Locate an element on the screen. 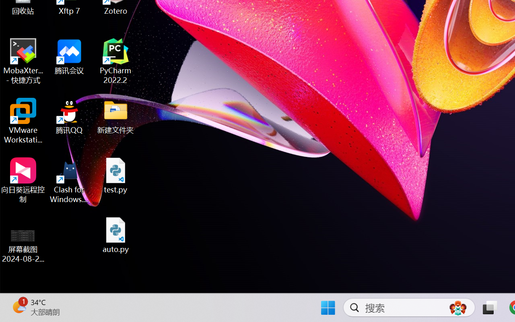  'auto.py' is located at coordinates (115, 235).